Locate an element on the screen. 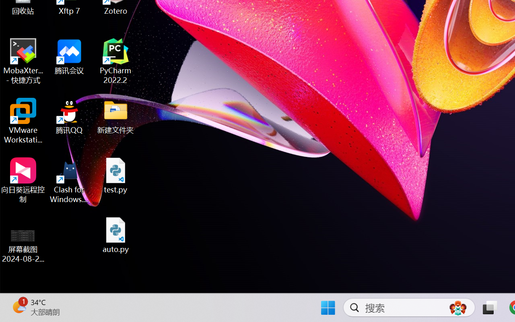  'auto.py' is located at coordinates (115, 235).